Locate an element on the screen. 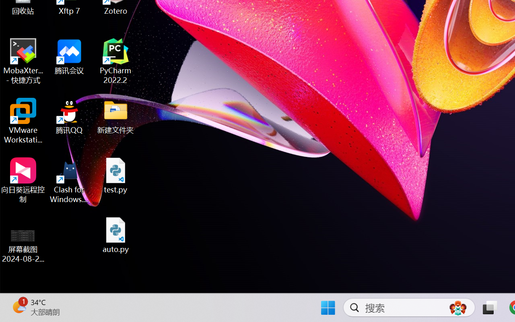  'auto.py' is located at coordinates (115, 235).